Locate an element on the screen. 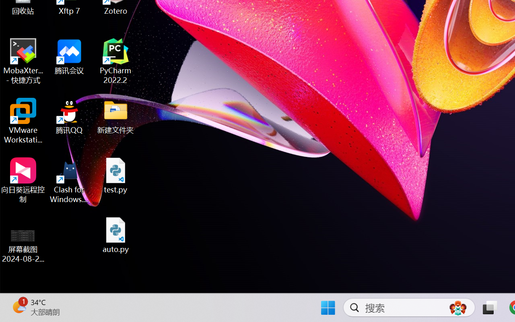  'auto.py' is located at coordinates (115, 235).